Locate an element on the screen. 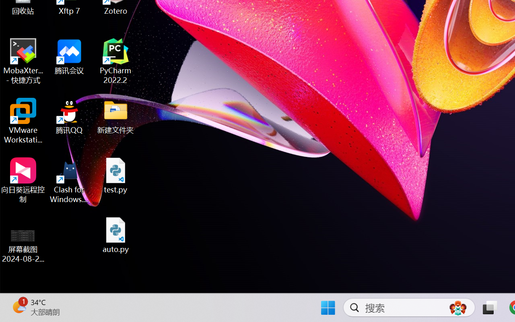  'auto.py' is located at coordinates (115, 235).